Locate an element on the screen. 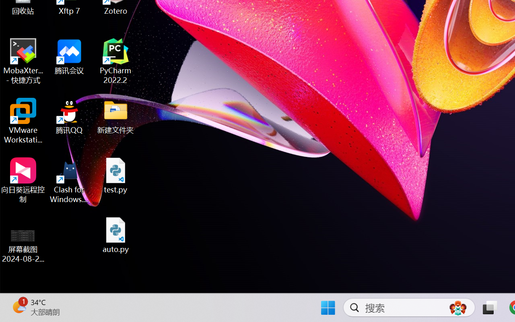  'auto.py' is located at coordinates (115, 235).